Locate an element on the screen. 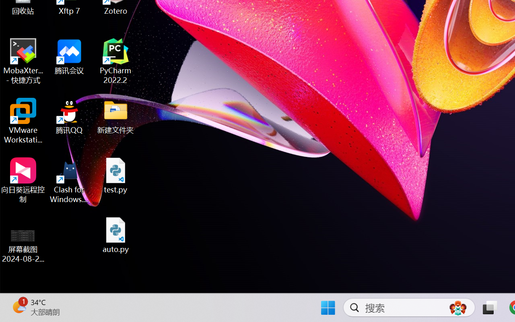  'auto.py' is located at coordinates (115, 235).